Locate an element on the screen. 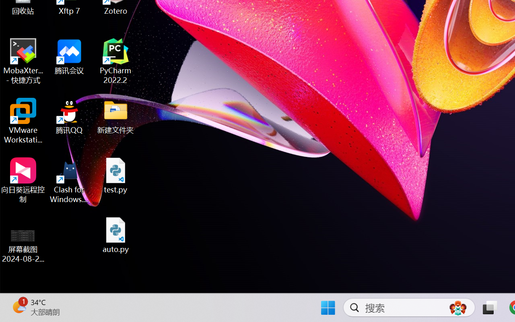  'auto.py' is located at coordinates (115, 235).